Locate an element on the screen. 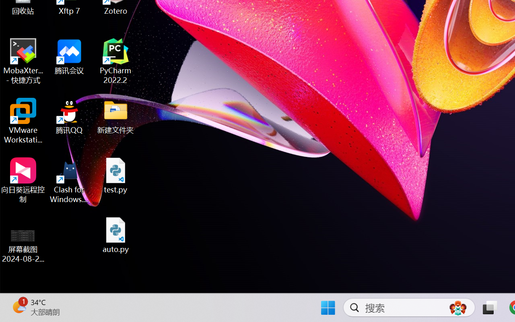  'auto.py' is located at coordinates (115, 235).